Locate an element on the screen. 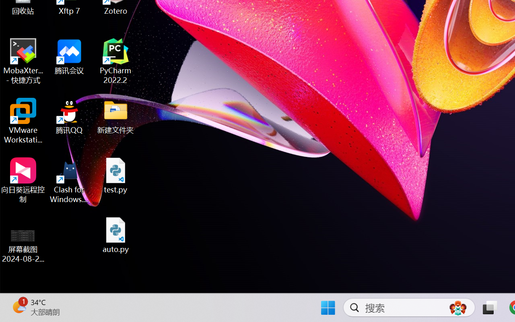  'auto.py' is located at coordinates (115, 235).